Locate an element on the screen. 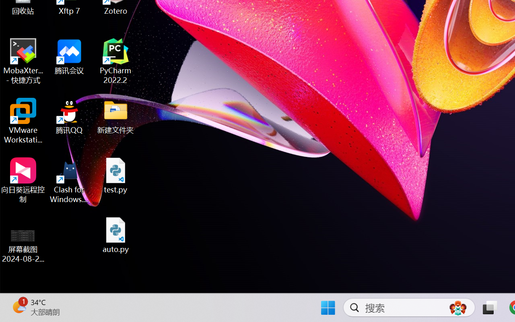  'auto.py' is located at coordinates (115, 235).